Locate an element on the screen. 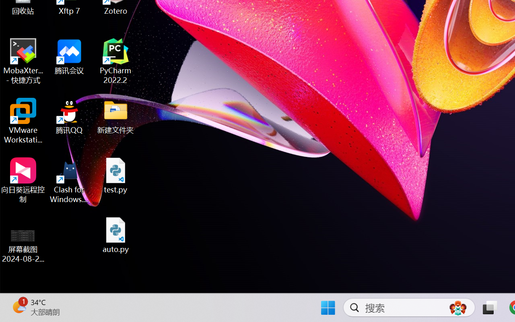  'auto.py' is located at coordinates (115, 235).